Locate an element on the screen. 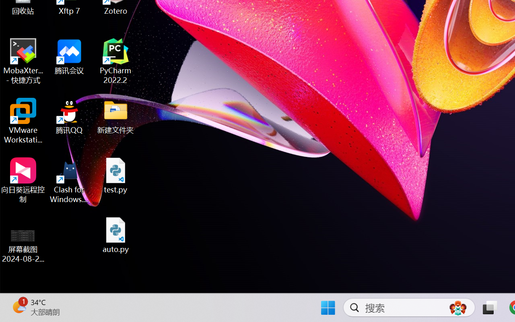  'auto.py' is located at coordinates (115, 235).